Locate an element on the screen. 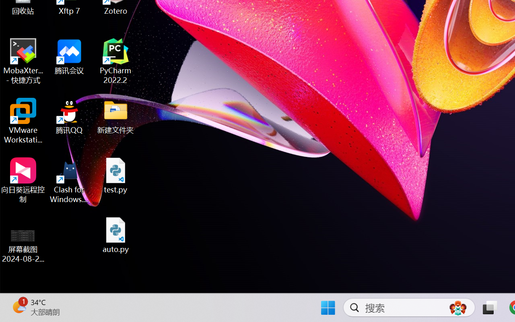  'auto.py' is located at coordinates (115, 235).